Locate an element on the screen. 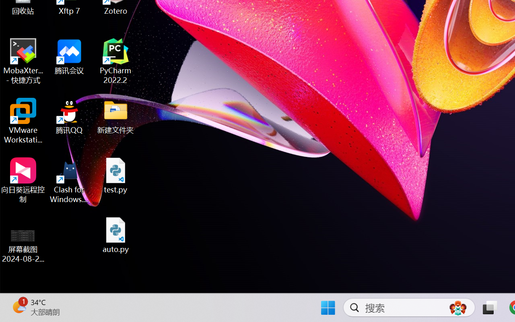  'auto.py' is located at coordinates (115, 235).